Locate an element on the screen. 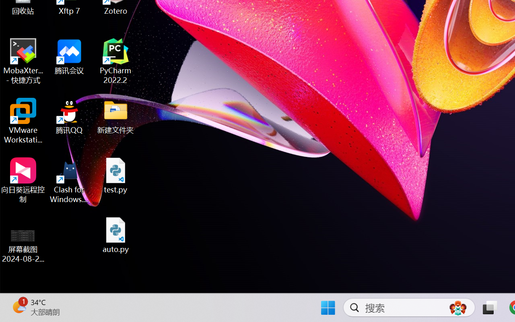  'auto.py' is located at coordinates (115, 235).